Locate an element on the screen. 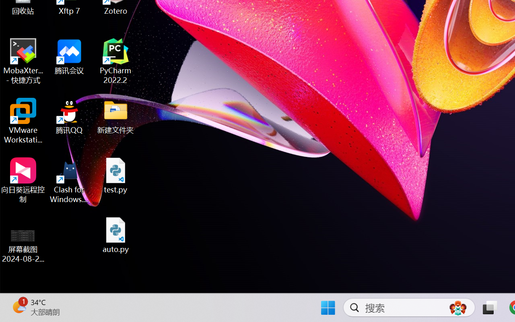  'auto.py' is located at coordinates (115, 235).